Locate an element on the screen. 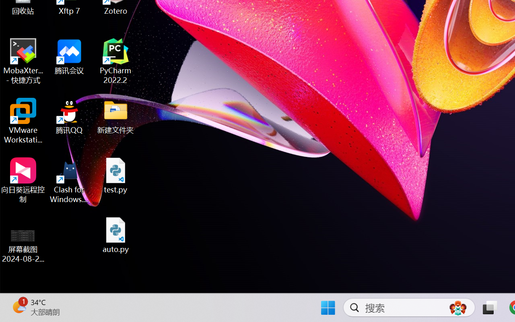  'auto.py' is located at coordinates (115, 235).